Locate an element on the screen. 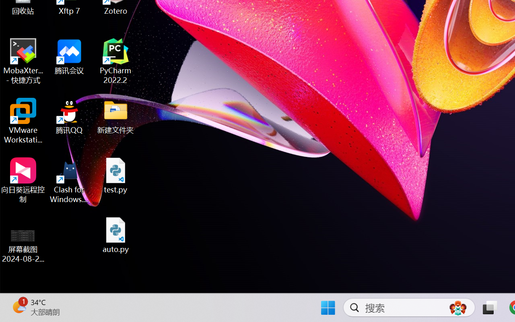  'auto.py' is located at coordinates (115, 235).